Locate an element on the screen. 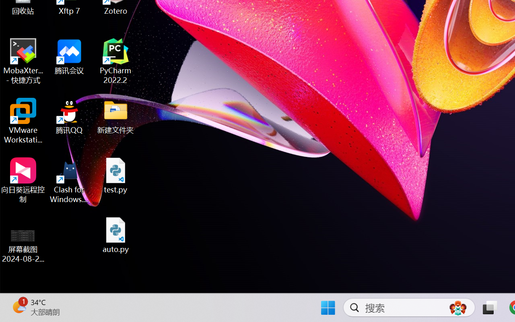  'auto.py' is located at coordinates (115, 235).